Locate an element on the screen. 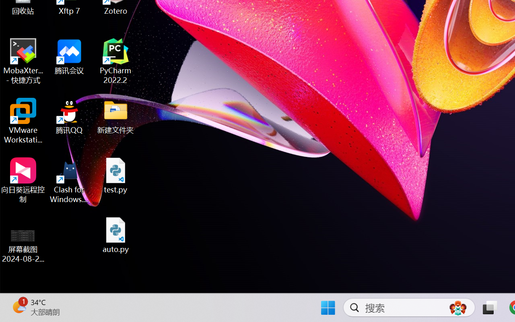  'auto.py' is located at coordinates (115, 235).